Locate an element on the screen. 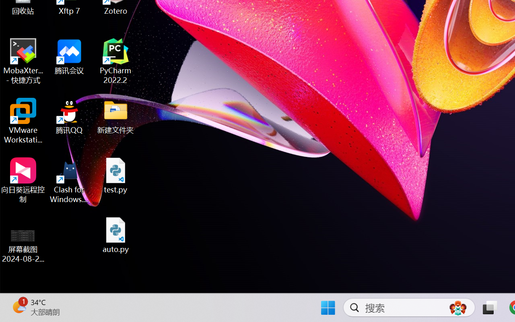  'auto.py' is located at coordinates (115, 235).